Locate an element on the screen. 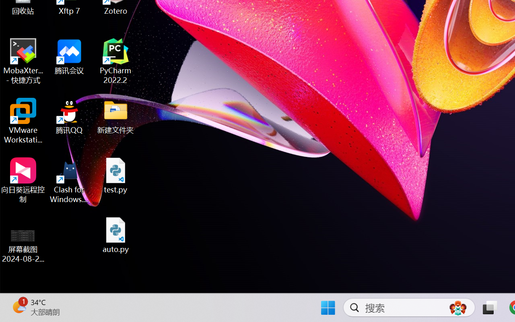  'auto.py' is located at coordinates (115, 235).